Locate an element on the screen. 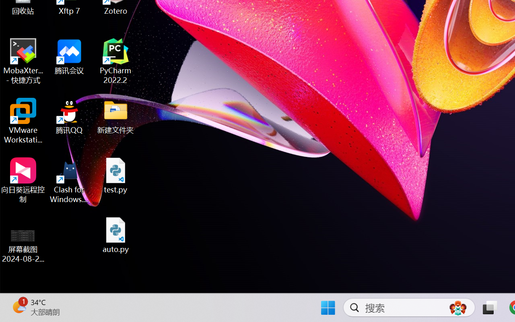  'auto.py' is located at coordinates (115, 235).